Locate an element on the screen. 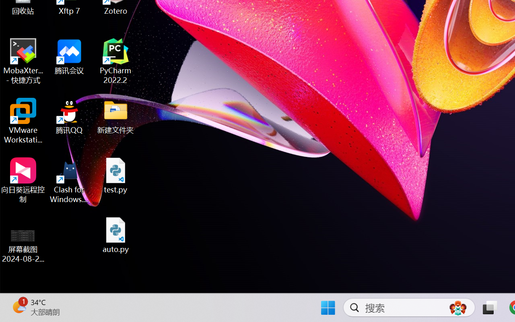  'auto.py' is located at coordinates (115, 235).